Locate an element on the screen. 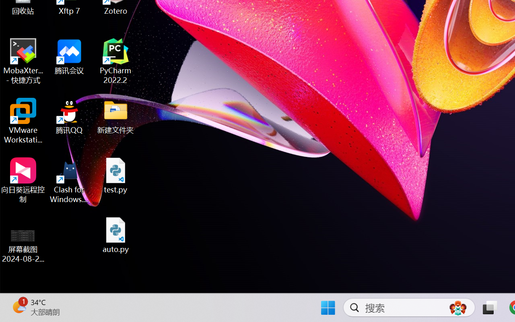  'auto.py' is located at coordinates (115, 235).